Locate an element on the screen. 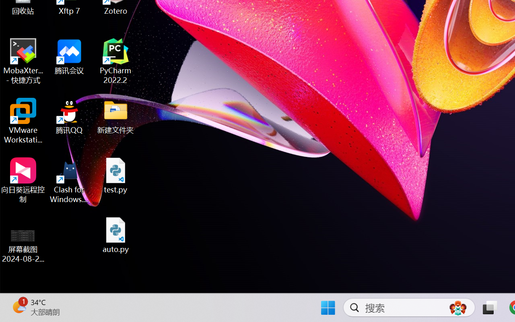  'auto.py' is located at coordinates (115, 235).